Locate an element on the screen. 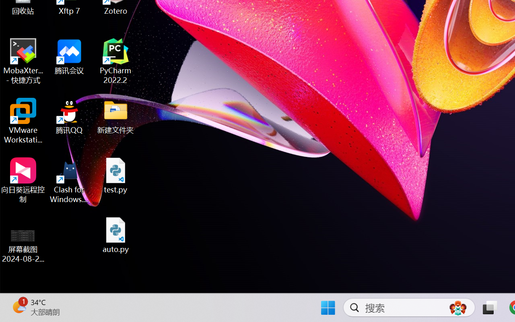  'auto.py' is located at coordinates (115, 235).